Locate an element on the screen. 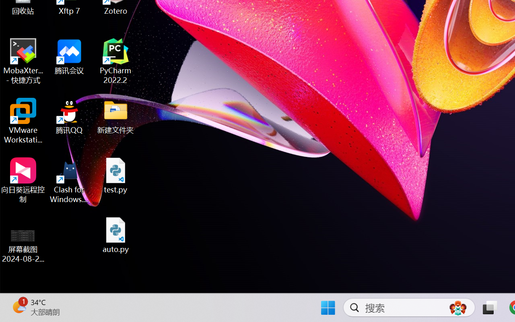  'auto.py' is located at coordinates (115, 235).